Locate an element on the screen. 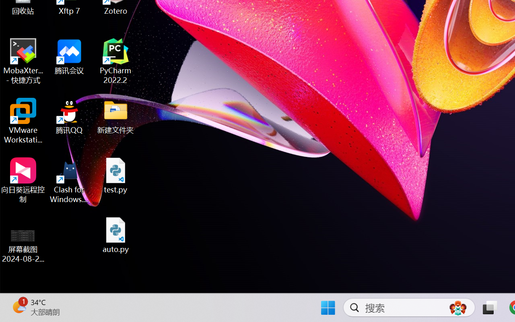  'auto.py' is located at coordinates (115, 235).